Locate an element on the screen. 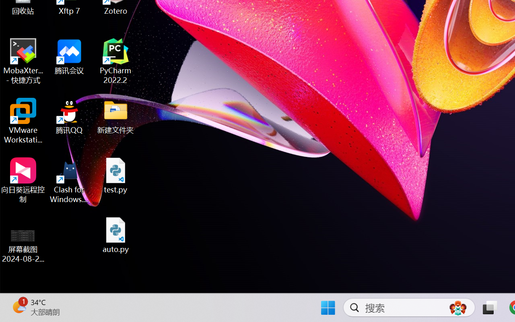  'auto.py' is located at coordinates (115, 235).